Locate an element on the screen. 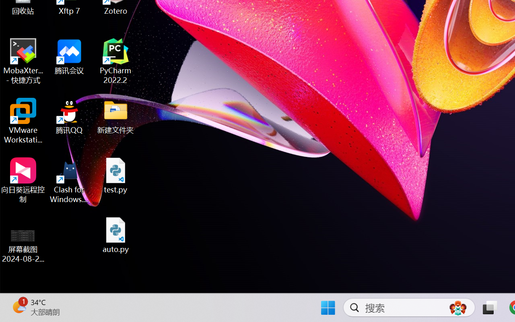  'auto.py' is located at coordinates (115, 235).